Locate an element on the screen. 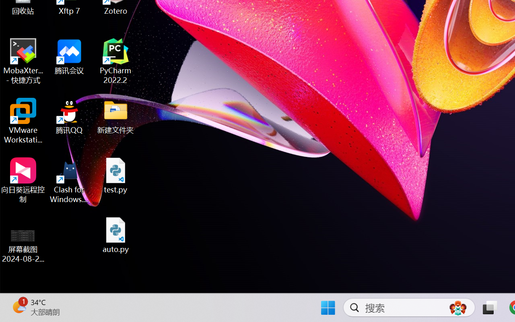  'auto.py' is located at coordinates (115, 235).